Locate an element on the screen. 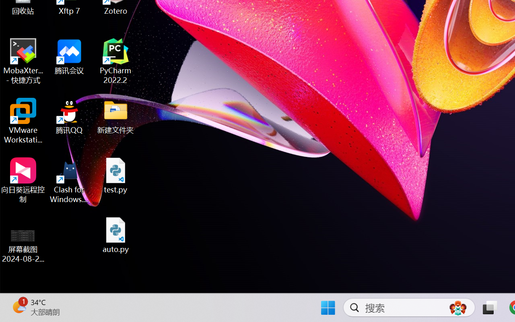  'auto.py' is located at coordinates (115, 235).